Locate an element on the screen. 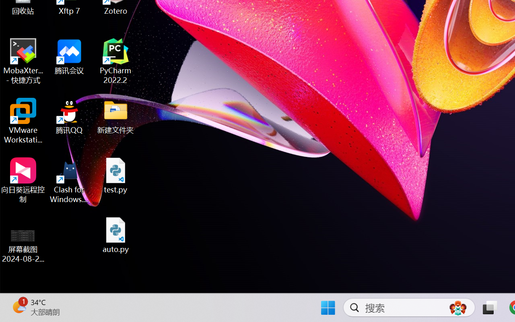  'auto.py' is located at coordinates (115, 235).